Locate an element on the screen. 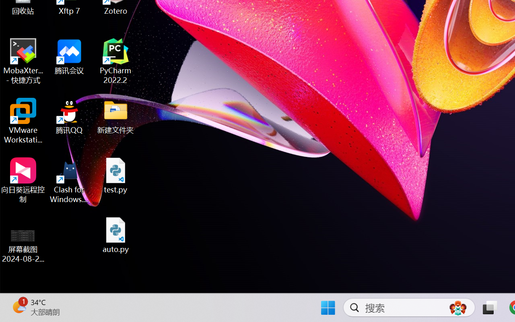  'auto.py' is located at coordinates (115, 235).